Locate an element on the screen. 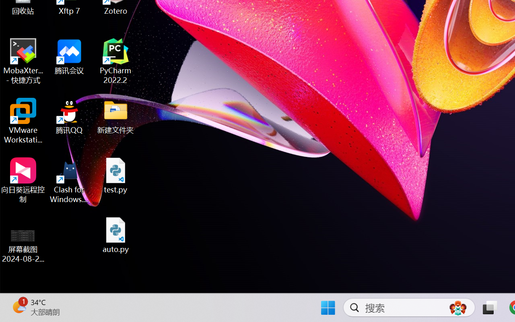  'auto.py' is located at coordinates (115, 235).